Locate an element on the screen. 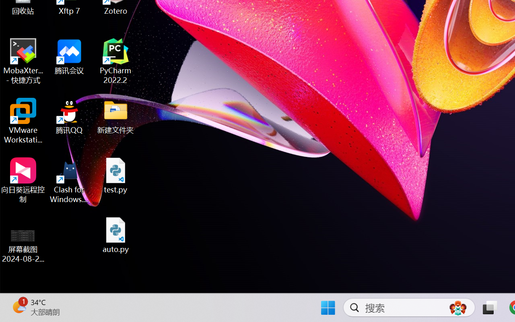  'auto.py' is located at coordinates (115, 235).